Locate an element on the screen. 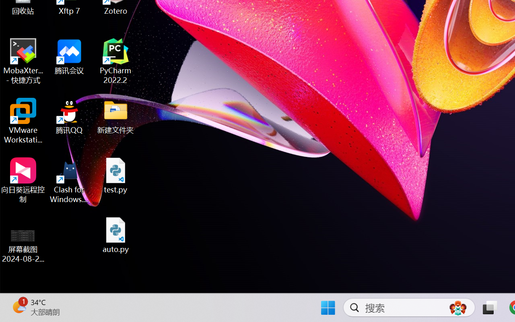  'auto.py' is located at coordinates (115, 235).